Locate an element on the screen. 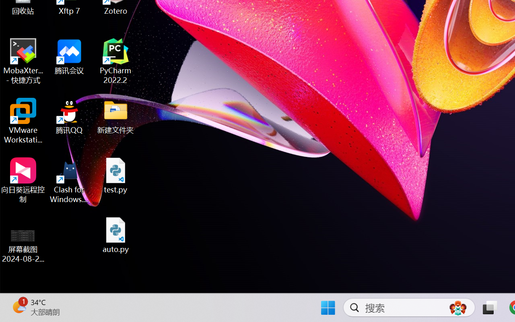  'auto.py' is located at coordinates (115, 235).